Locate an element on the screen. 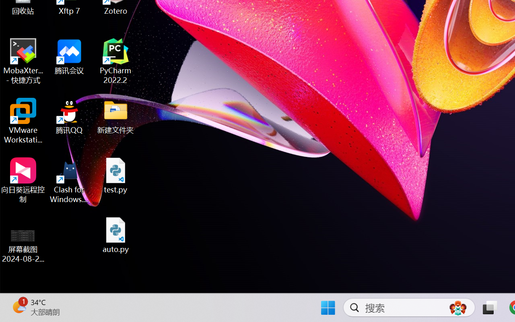  'auto.py' is located at coordinates (115, 235).